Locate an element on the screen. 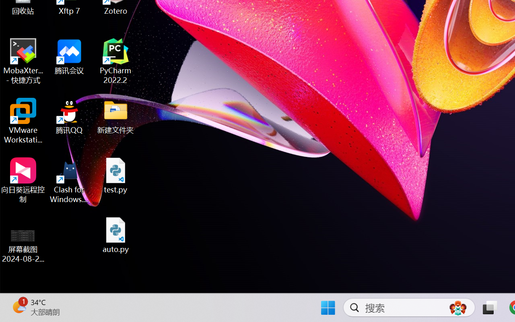  'auto.py' is located at coordinates (115, 235).